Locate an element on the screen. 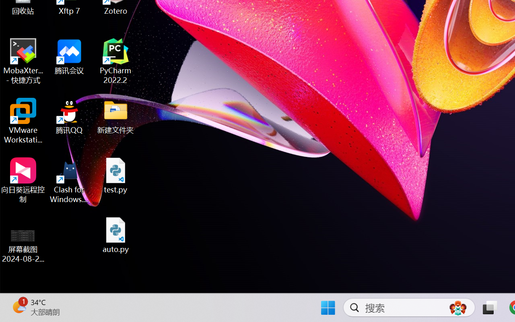  'auto.py' is located at coordinates (115, 235).